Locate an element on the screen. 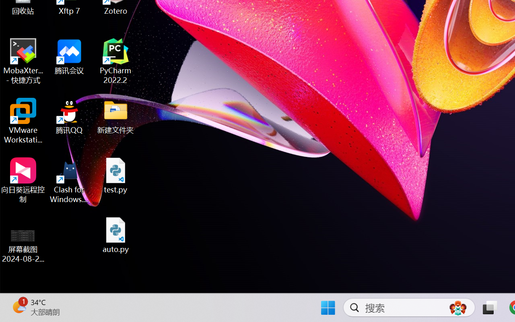  'auto.py' is located at coordinates (115, 235).